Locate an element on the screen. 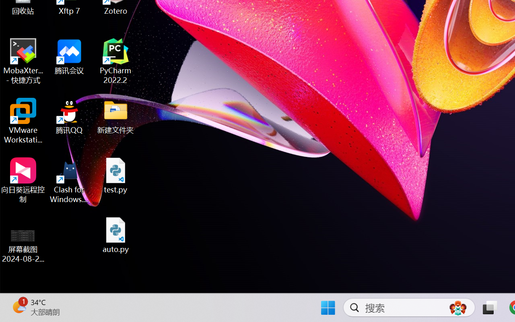  'auto.py' is located at coordinates (115, 235).